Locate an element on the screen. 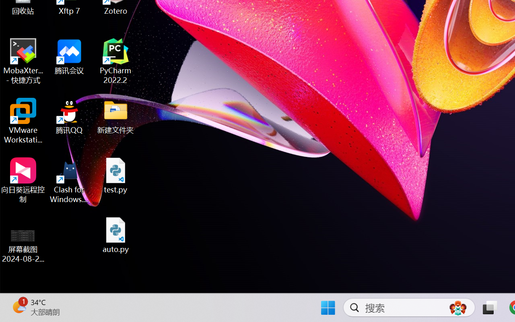  'auto.py' is located at coordinates (115, 235).